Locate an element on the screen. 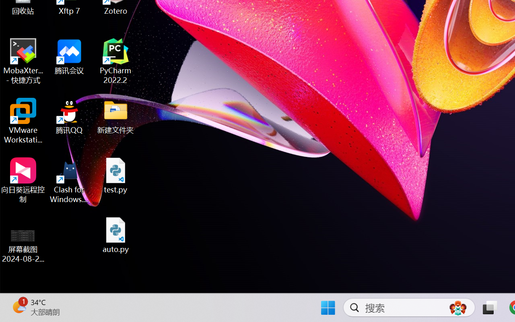  'auto.py' is located at coordinates (115, 235).